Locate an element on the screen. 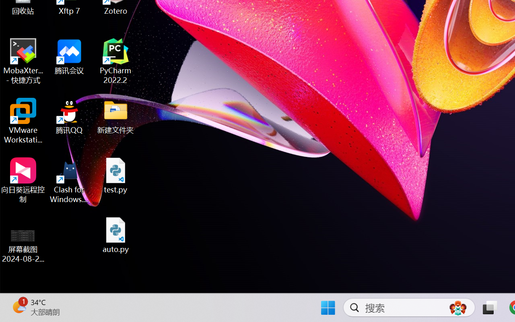  'auto.py' is located at coordinates (115, 235).